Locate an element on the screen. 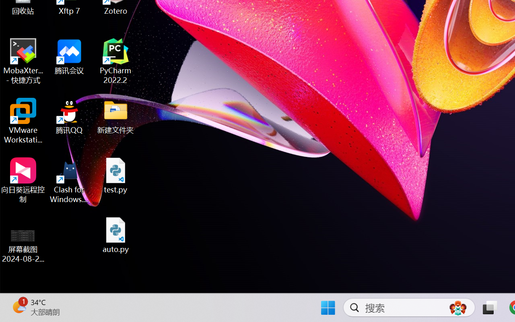  'auto.py' is located at coordinates (115, 235).